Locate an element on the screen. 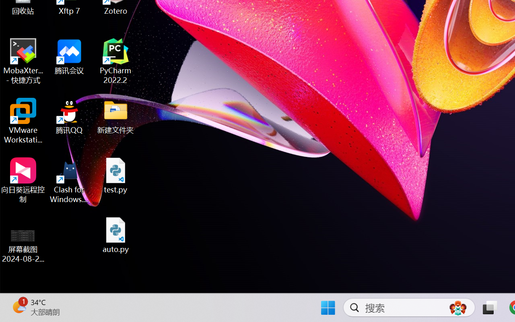  'auto.py' is located at coordinates (115, 235).